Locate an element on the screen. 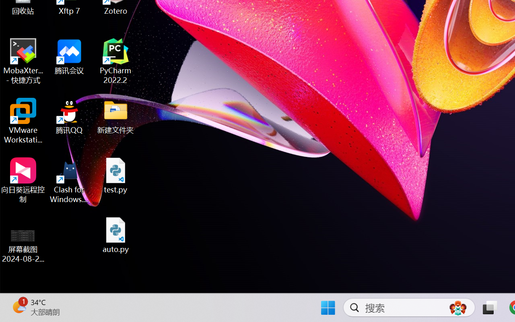  'auto.py' is located at coordinates (115, 235).